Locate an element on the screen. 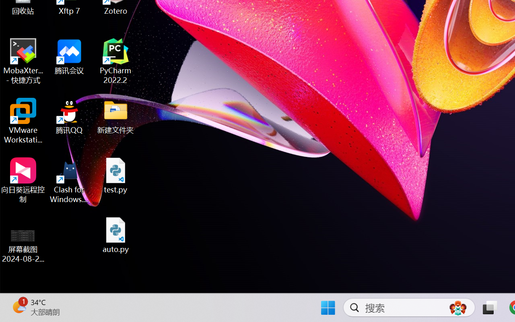  'auto.py' is located at coordinates (115, 235).